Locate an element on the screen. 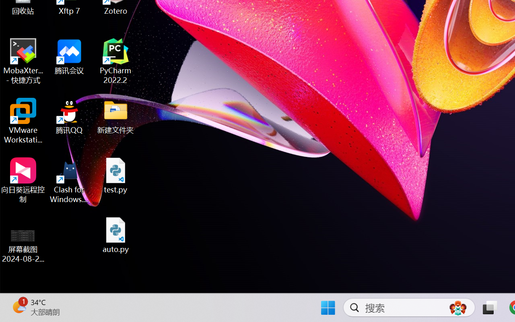  'auto.py' is located at coordinates (115, 235).